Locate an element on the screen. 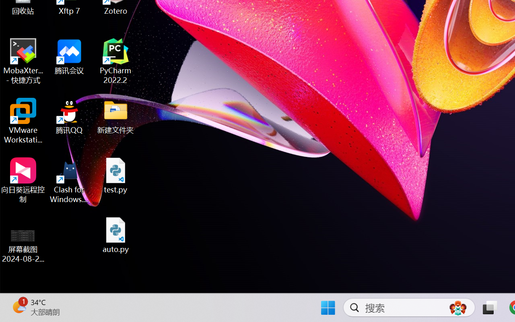  'auto.py' is located at coordinates (115, 235).